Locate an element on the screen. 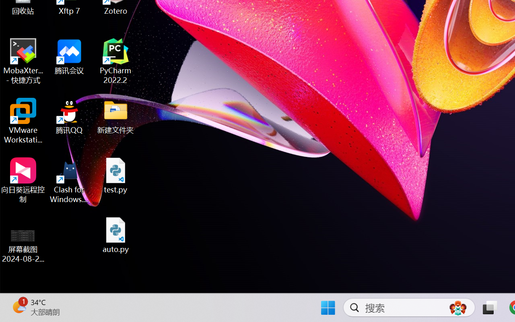  'auto.py' is located at coordinates (115, 235).